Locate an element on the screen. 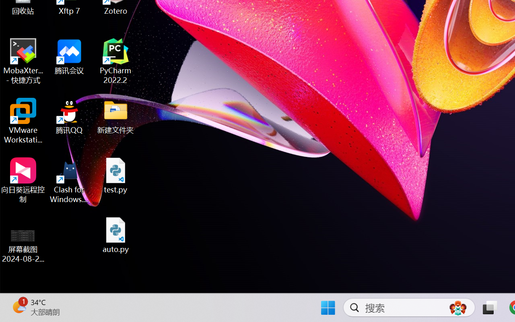  'auto.py' is located at coordinates (115, 235).